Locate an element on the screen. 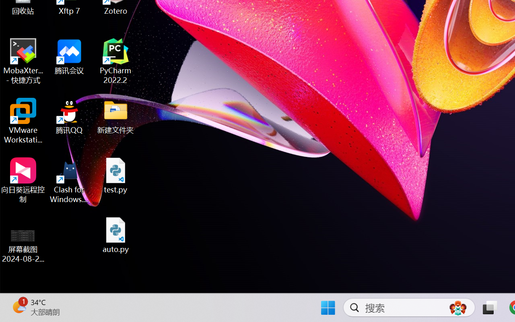  'auto.py' is located at coordinates (115, 235).